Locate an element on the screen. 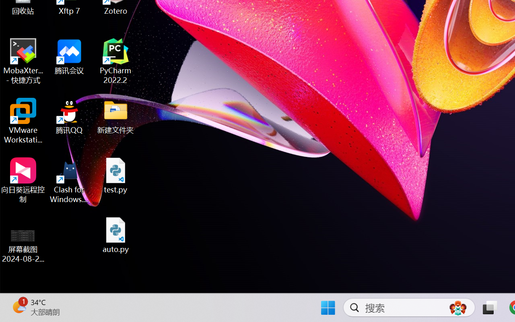  'auto.py' is located at coordinates (115, 235).